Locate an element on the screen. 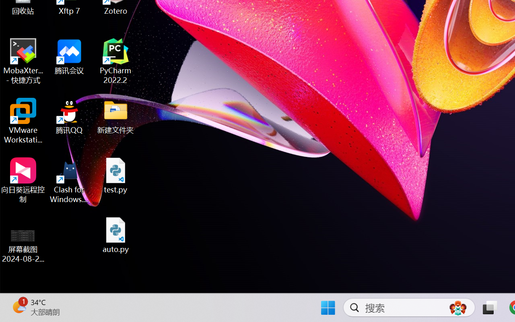  'auto.py' is located at coordinates (115, 235).